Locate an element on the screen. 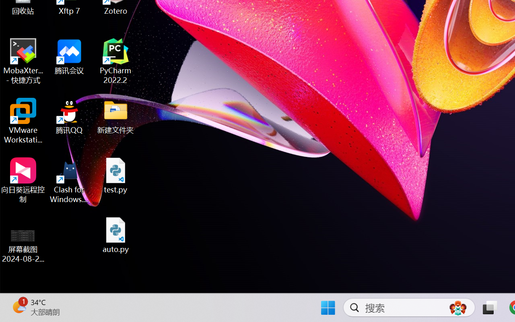  'auto.py' is located at coordinates (115, 235).